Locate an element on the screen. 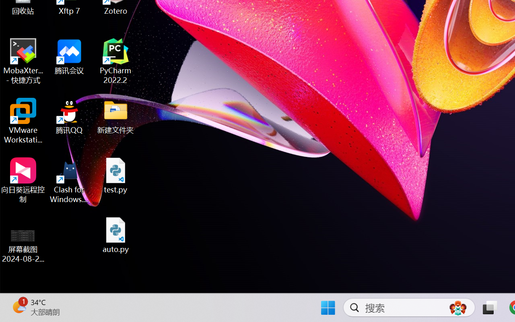  'auto.py' is located at coordinates (115, 235).